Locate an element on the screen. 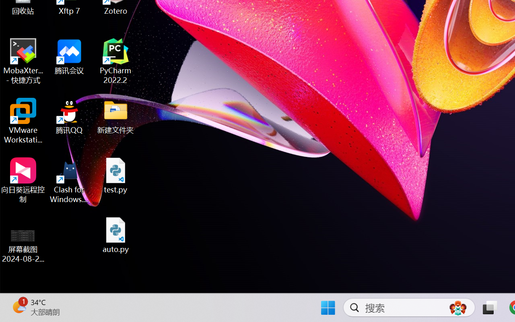  'auto.py' is located at coordinates (115, 235).